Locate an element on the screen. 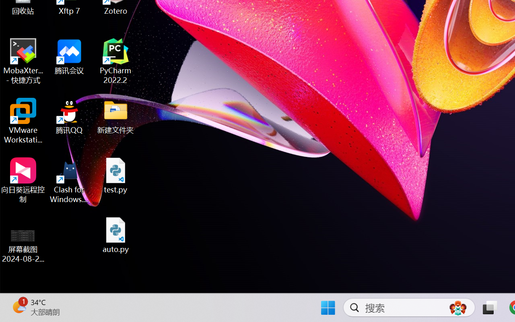  'auto.py' is located at coordinates (115, 235).